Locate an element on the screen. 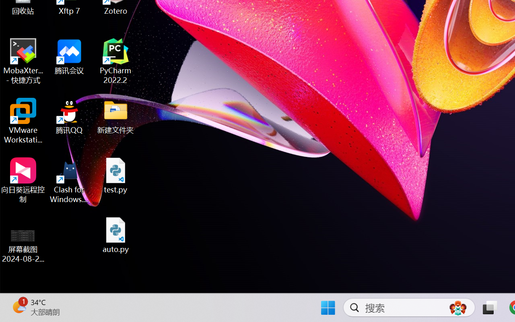  'auto.py' is located at coordinates (115, 235).